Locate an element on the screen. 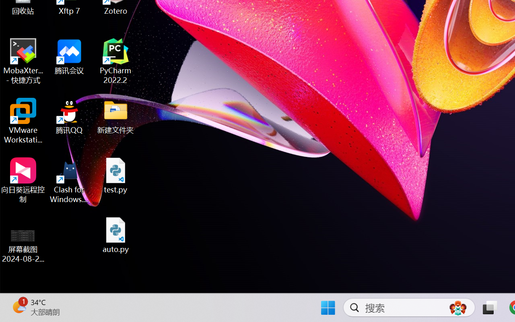  'auto.py' is located at coordinates (115, 235).